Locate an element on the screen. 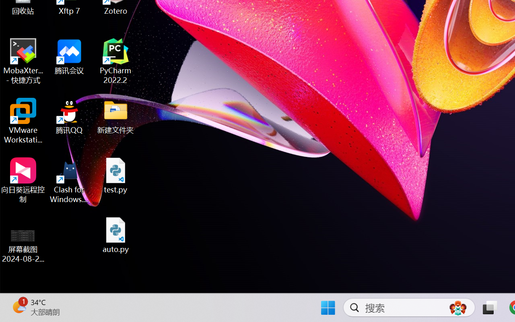  'auto.py' is located at coordinates (115, 235).